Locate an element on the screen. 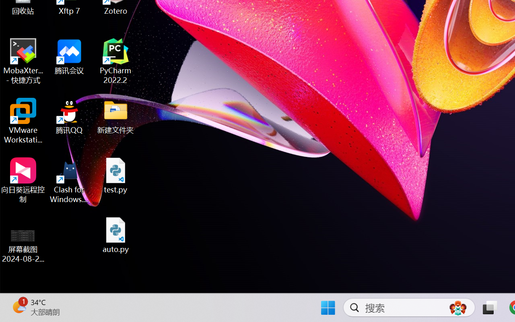  'auto.py' is located at coordinates (115, 235).